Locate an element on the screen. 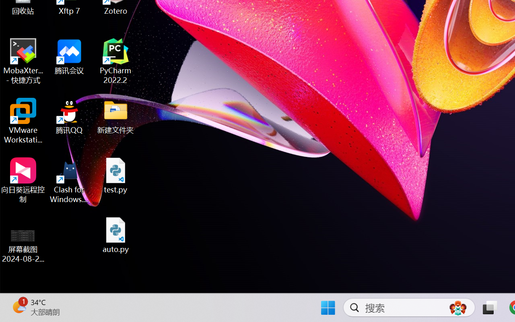  'auto.py' is located at coordinates (115, 235).